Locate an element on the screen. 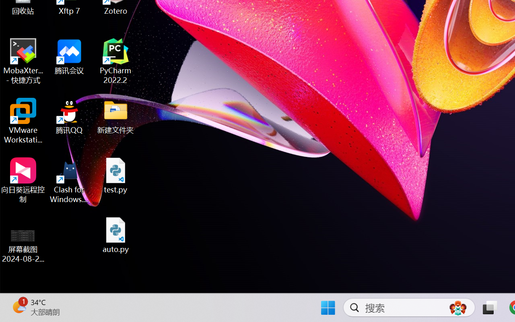  'auto.py' is located at coordinates (115, 235).